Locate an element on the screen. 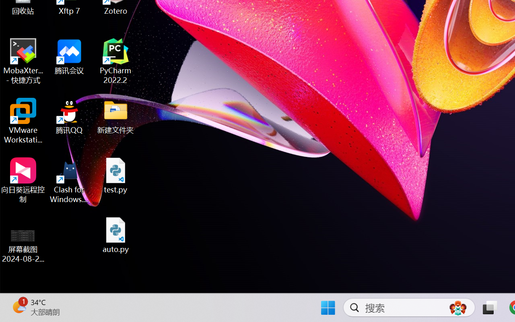  'auto.py' is located at coordinates (115, 235).